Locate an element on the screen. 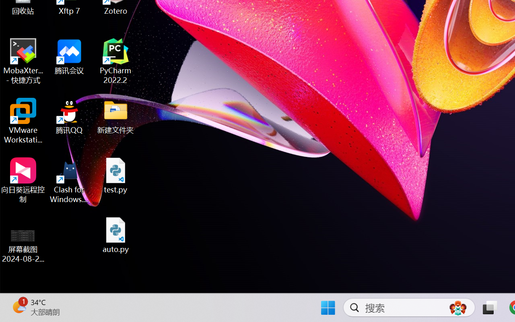  'auto.py' is located at coordinates (115, 235).